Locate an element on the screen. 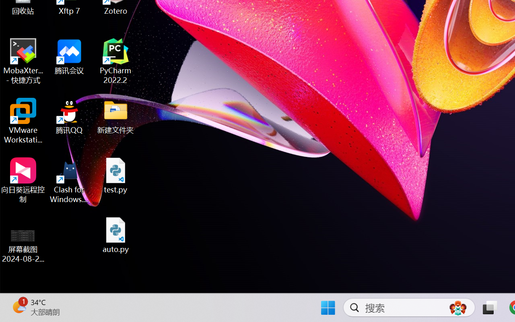  'auto.py' is located at coordinates (115, 235).